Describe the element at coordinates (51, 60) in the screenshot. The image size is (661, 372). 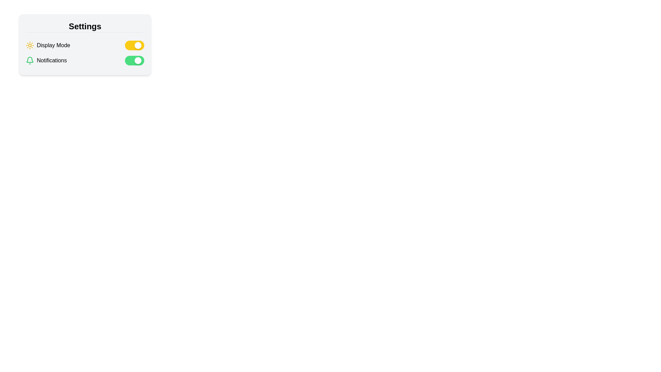
I see `the 'Notifications' text label, which is a prominent medium-sized font label located in the settings section, positioned below the 'Display Mode' section and next to a bell icon` at that location.